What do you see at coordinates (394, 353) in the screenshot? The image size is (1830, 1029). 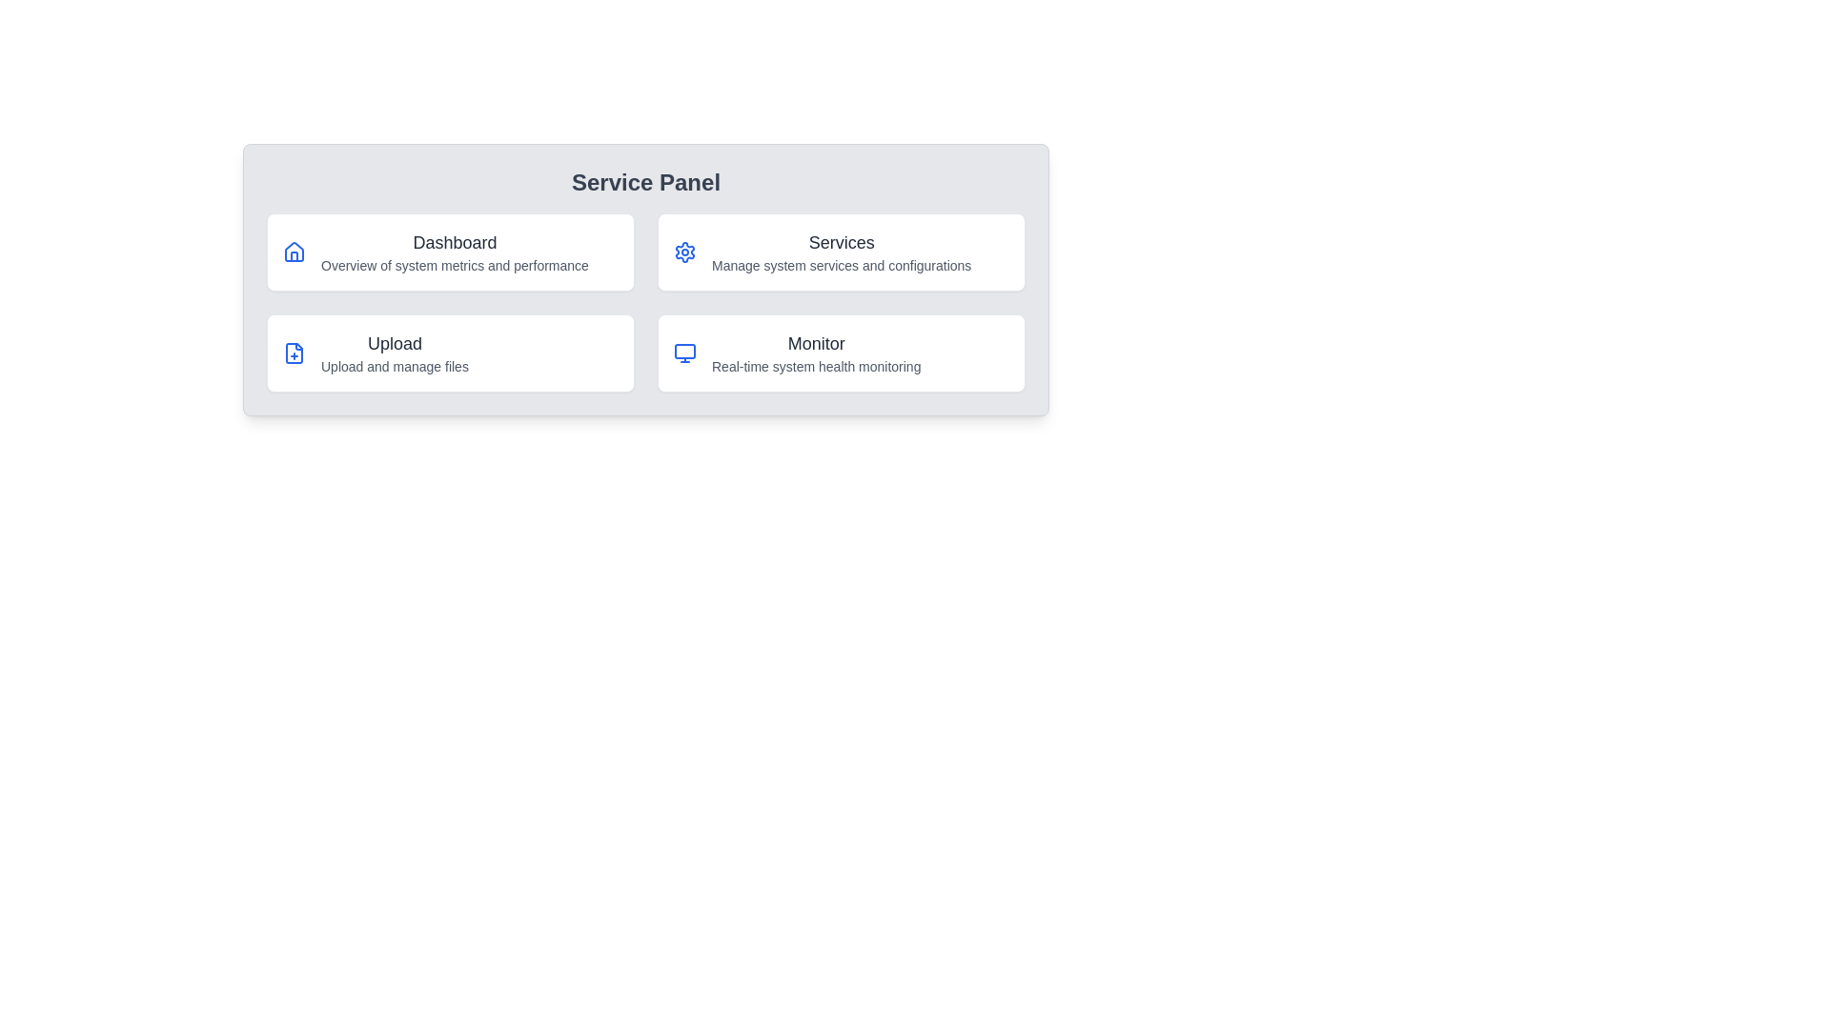 I see `the Text Label that displays 'Upload' in a large, bold font and 'Upload and manage files.' in a smaller font, located in the left-bottom quadrant of the 'Service Panel' section` at bounding box center [394, 353].